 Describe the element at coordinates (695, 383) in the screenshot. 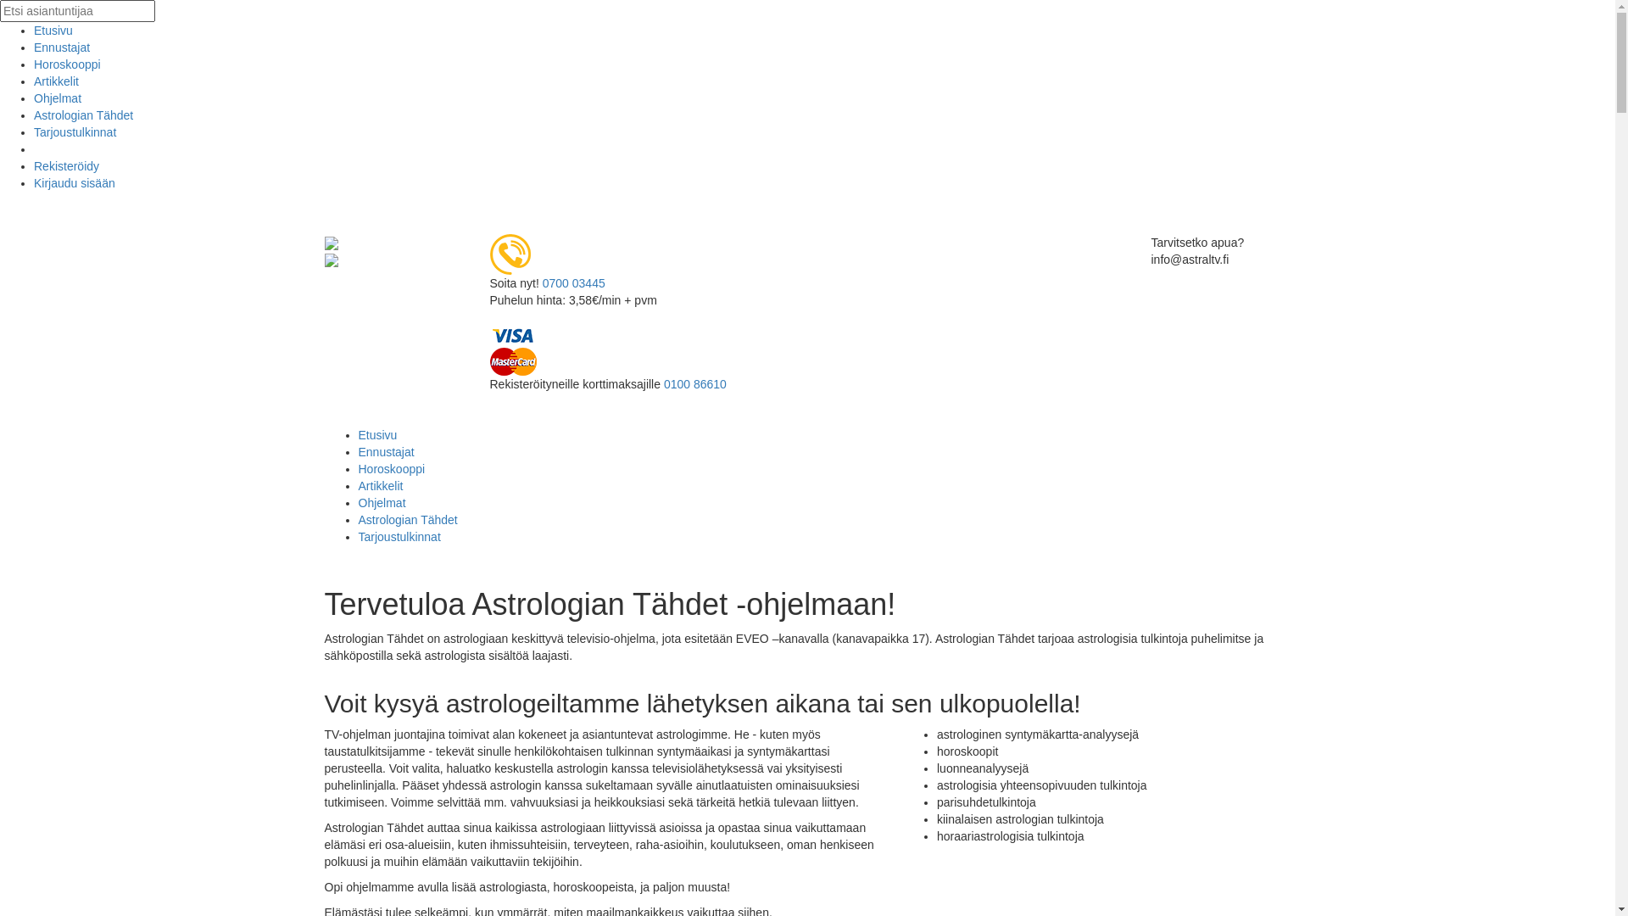

I see `'0100 86610'` at that location.